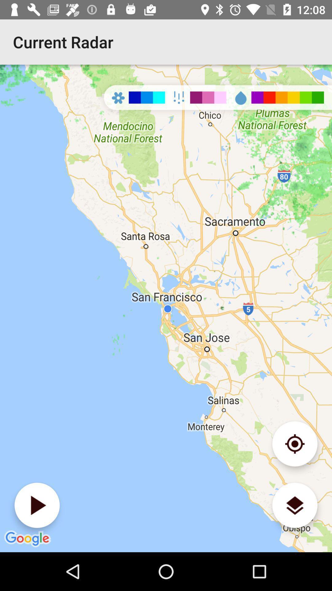  What do you see at coordinates (37, 505) in the screenshot?
I see `play` at bounding box center [37, 505].